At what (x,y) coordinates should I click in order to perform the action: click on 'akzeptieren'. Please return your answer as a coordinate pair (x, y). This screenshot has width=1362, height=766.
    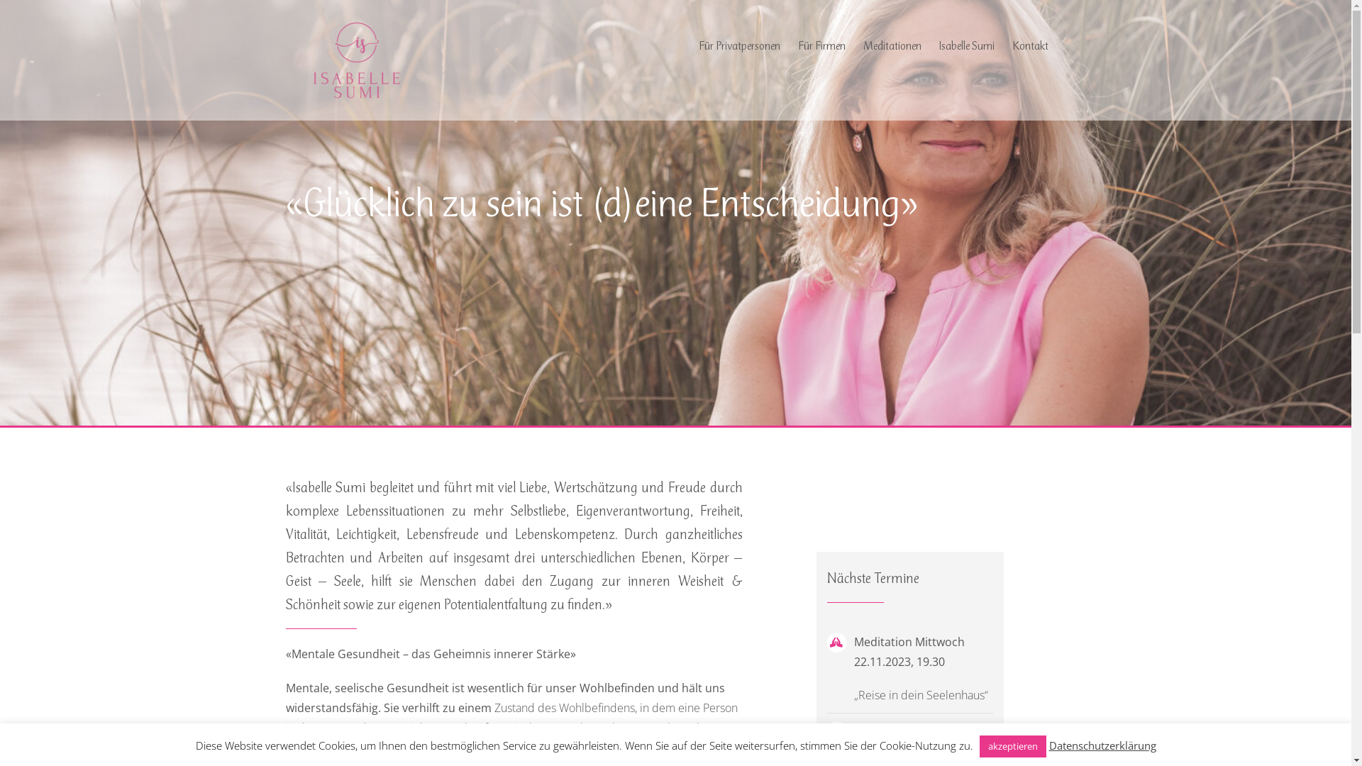
    Looking at the image, I should click on (1011, 745).